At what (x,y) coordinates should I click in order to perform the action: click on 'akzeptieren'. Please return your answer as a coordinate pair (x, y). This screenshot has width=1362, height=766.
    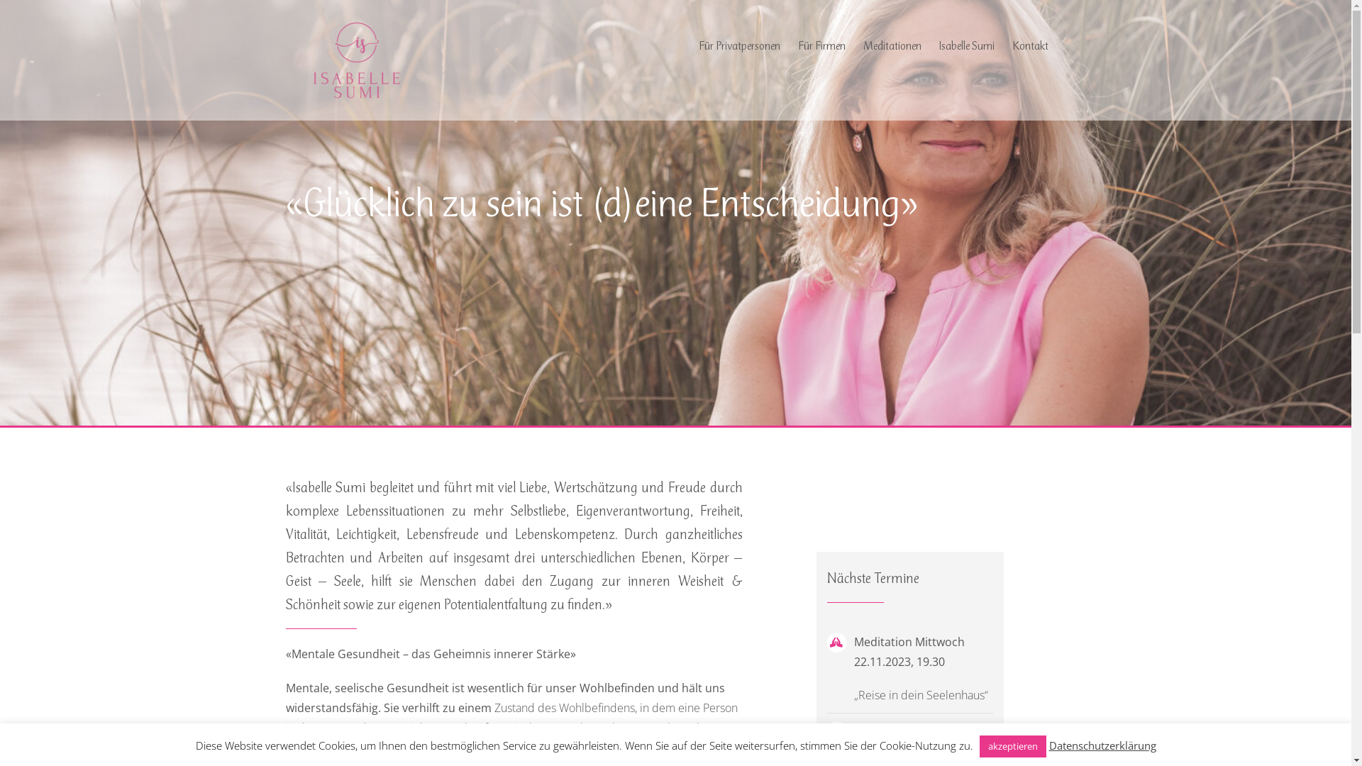
    Looking at the image, I should click on (1011, 745).